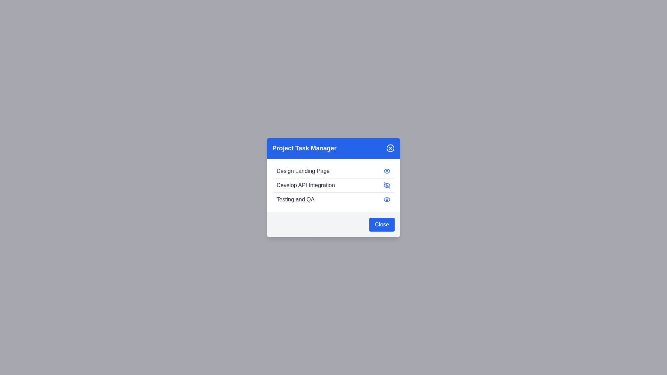 The width and height of the screenshot is (667, 375). Describe the element at coordinates (390, 148) in the screenshot. I see `the X Icon to close the dialog` at that location.